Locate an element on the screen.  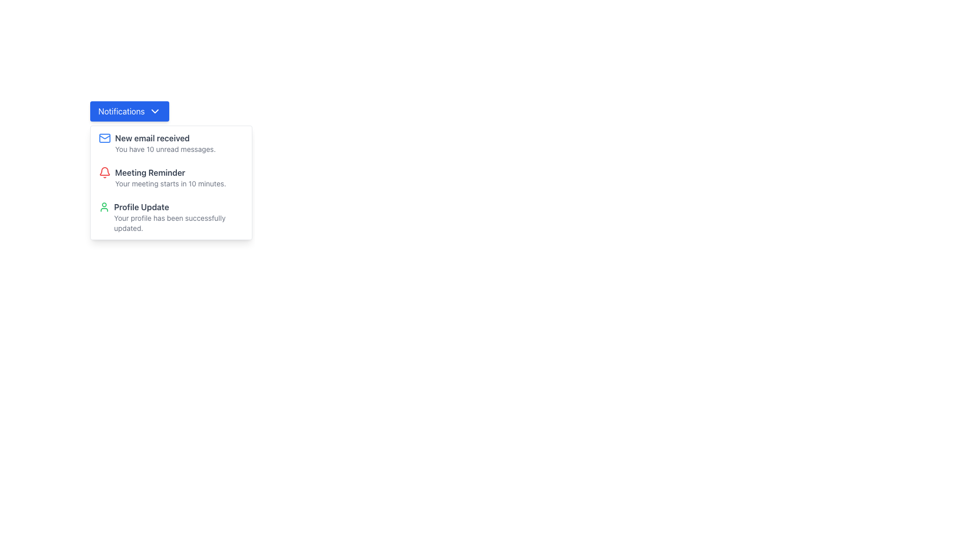
static text displaying 'Your meeting starts in 10 minutes.' located beneath the 'Meeting Reminder' header in the notification list is located at coordinates (170, 183).